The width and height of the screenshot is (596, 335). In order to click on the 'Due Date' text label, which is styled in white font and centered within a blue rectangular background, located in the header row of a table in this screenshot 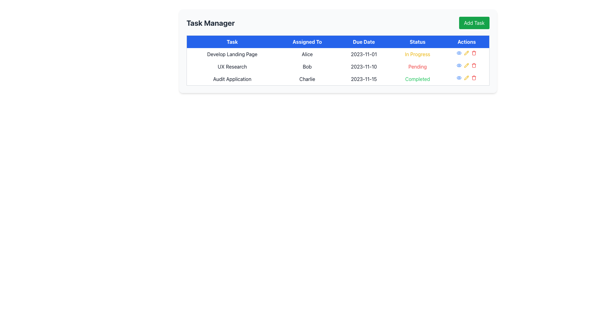, I will do `click(364, 42)`.